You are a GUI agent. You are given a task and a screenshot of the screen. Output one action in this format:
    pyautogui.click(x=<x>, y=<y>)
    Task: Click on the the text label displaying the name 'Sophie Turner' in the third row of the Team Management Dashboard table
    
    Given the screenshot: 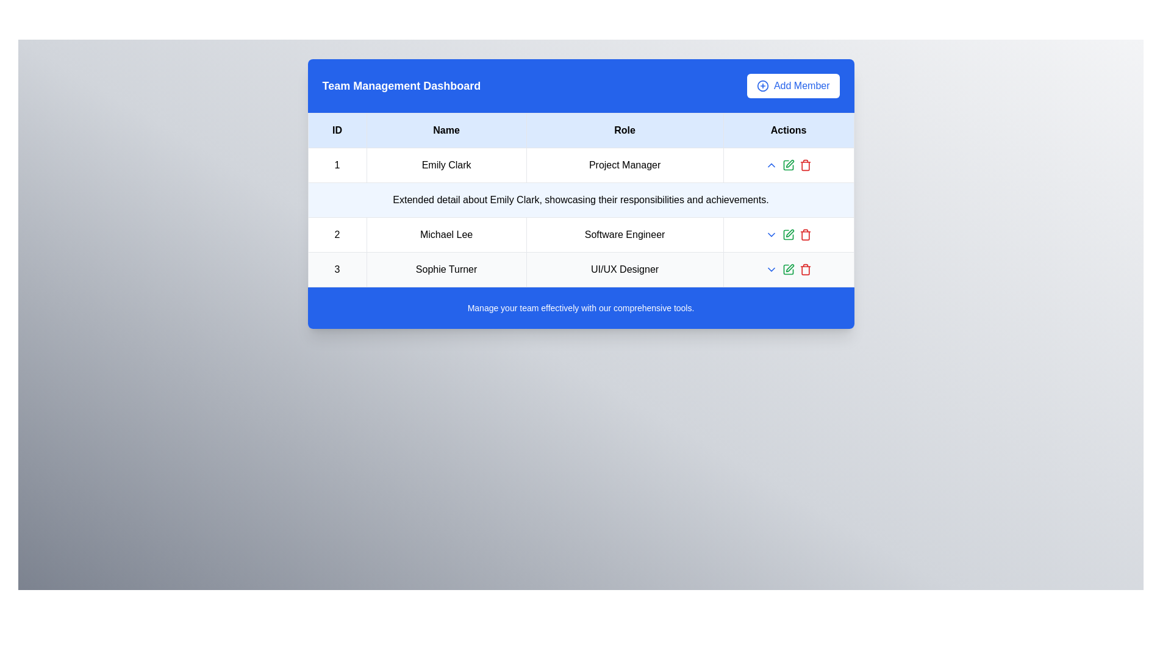 What is the action you would take?
    pyautogui.click(x=446, y=269)
    